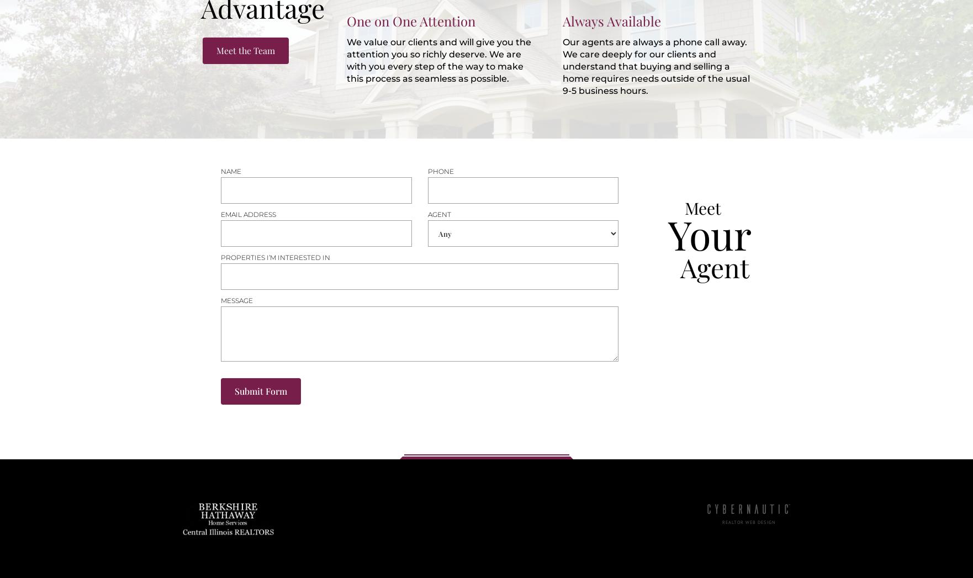 The width and height of the screenshot is (973, 578). Describe the element at coordinates (260, 390) in the screenshot. I see `'Submit Form'` at that location.